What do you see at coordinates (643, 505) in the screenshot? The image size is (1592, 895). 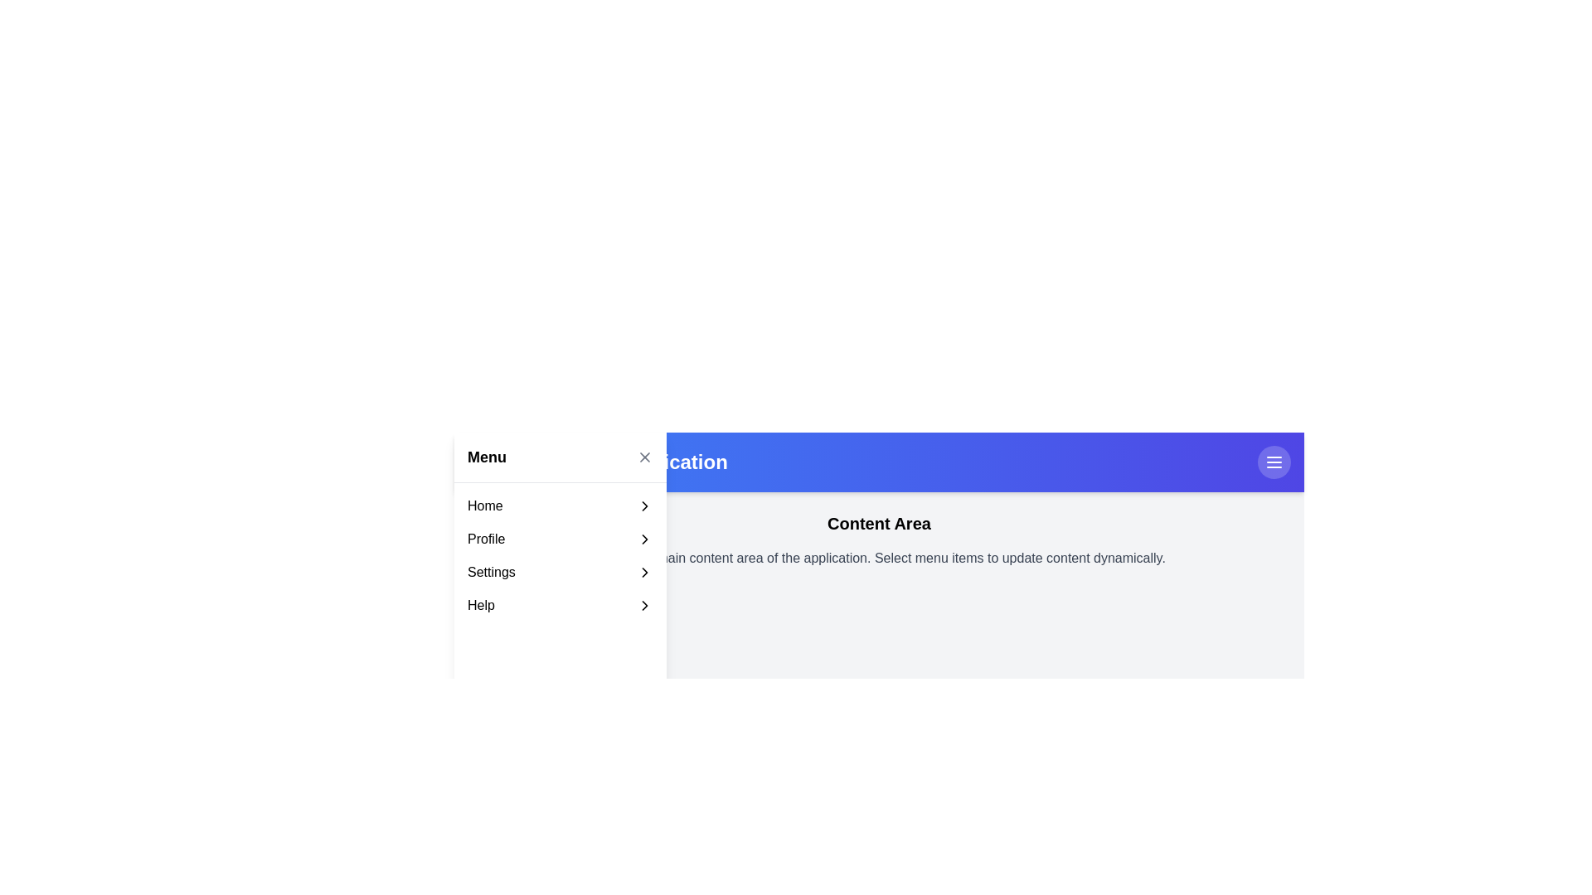 I see `the right-chevron arrow icon located to the right of the 'Home' menu item in the vertical navigation menu, which is the first chevron icon in the menu` at bounding box center [643, 505].